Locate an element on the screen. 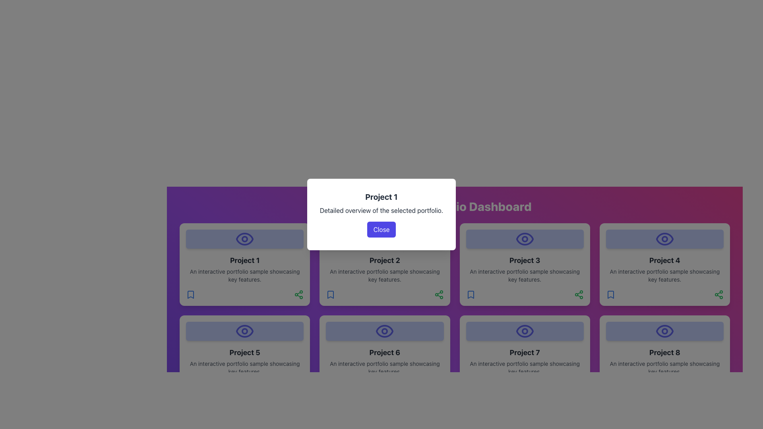 Image resolution: width=763 pixels, height=429 pixels. the static text element that provides a description or summary of the selected project, located below the heading 'Project 1' and above the 'Close' button is located at coordinates (381, 210).